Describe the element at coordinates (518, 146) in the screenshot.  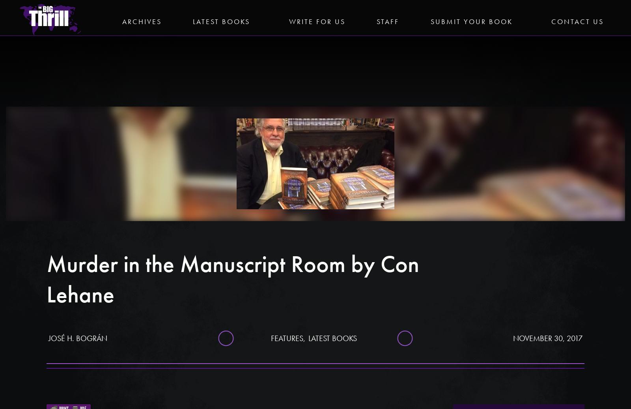
I see `'The Horoscope Writer'` at that location.